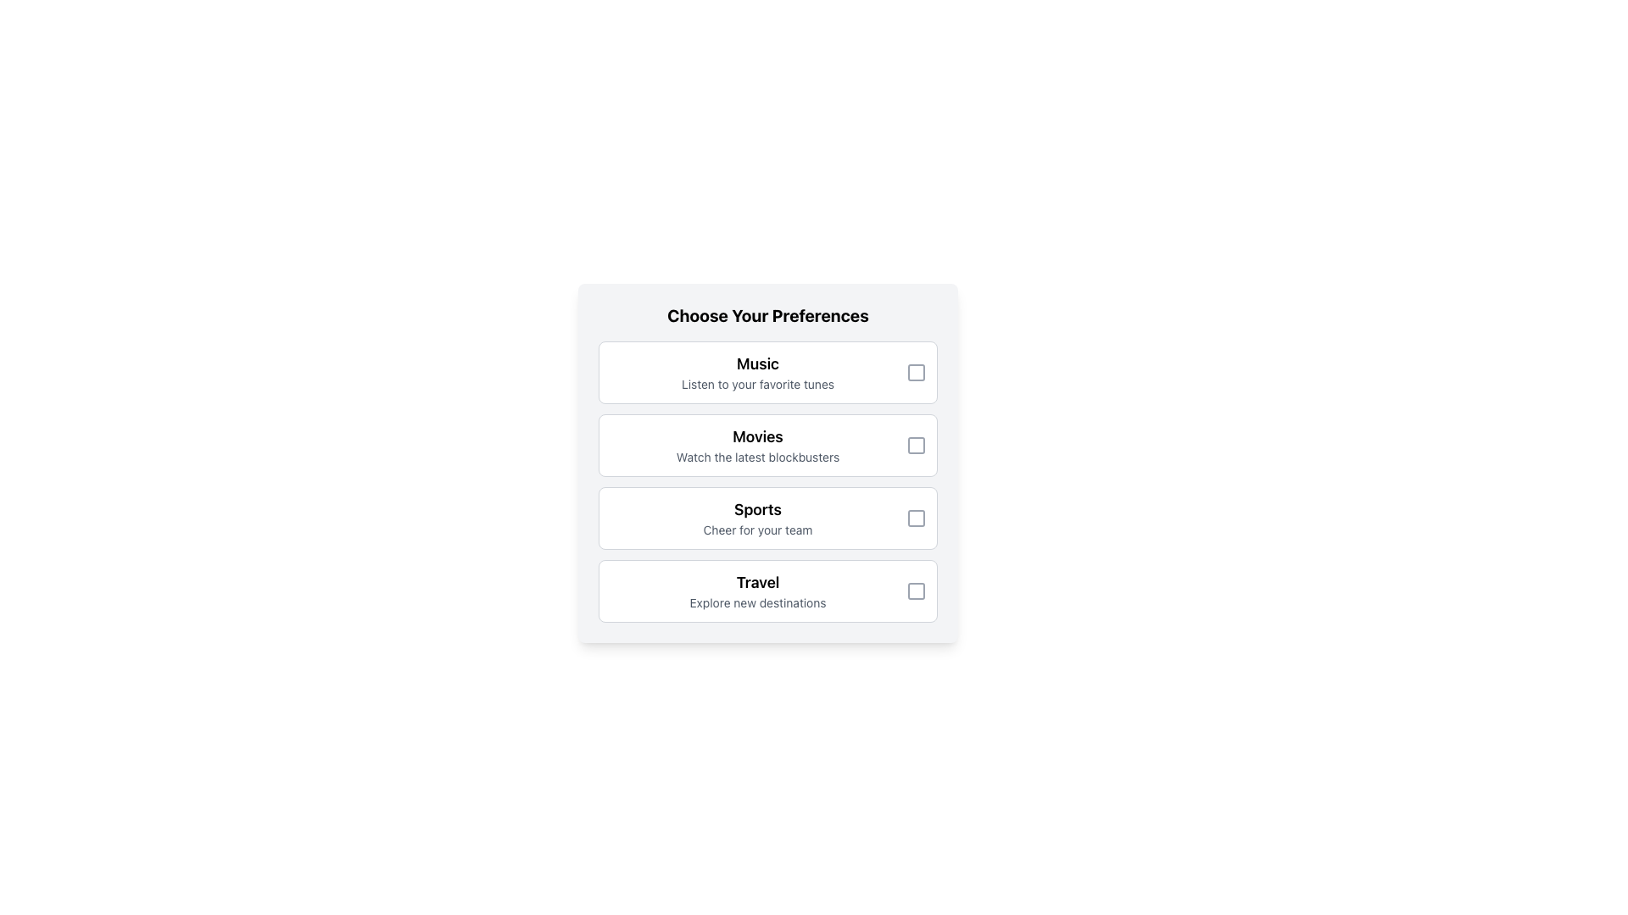  Describe the element at coordinates (756, 602) in the screenshot. I see `the informative Text Label located beneath the 'Travel' label in the fourth option block of the preference selection interface` at that location.